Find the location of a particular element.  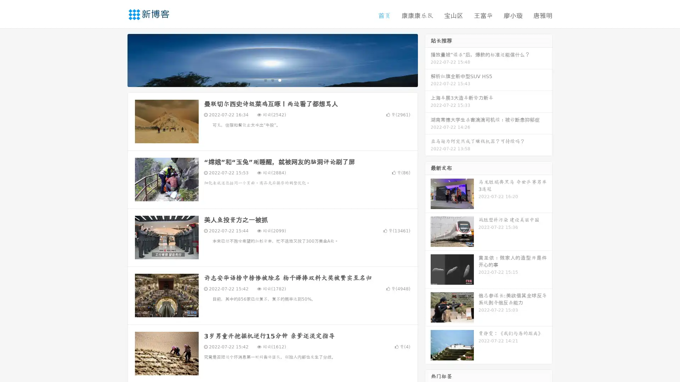

Previous slide is located at coordinates (117, 59).